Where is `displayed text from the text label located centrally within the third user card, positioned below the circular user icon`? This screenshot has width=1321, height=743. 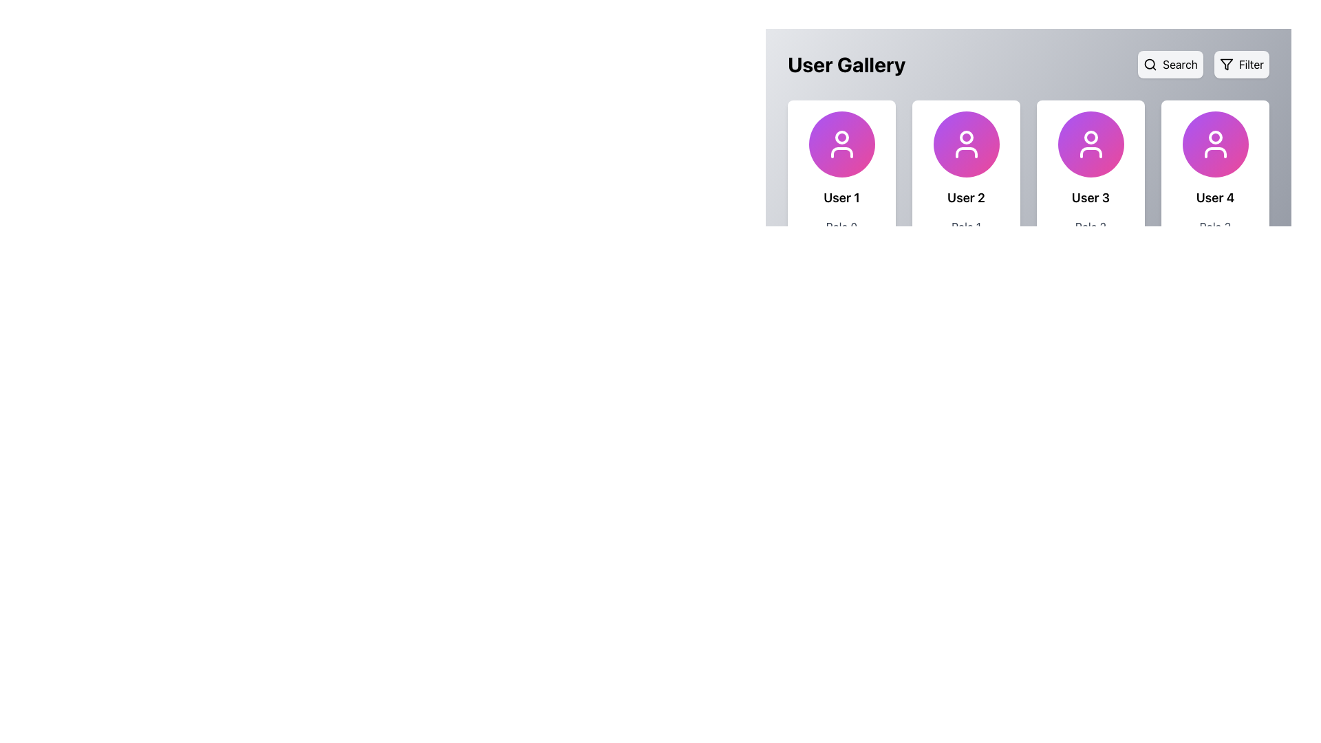
displayed text from the text label located centrally within the third user card, positioned below the circular user icon is located at coordinates (1090, 198).